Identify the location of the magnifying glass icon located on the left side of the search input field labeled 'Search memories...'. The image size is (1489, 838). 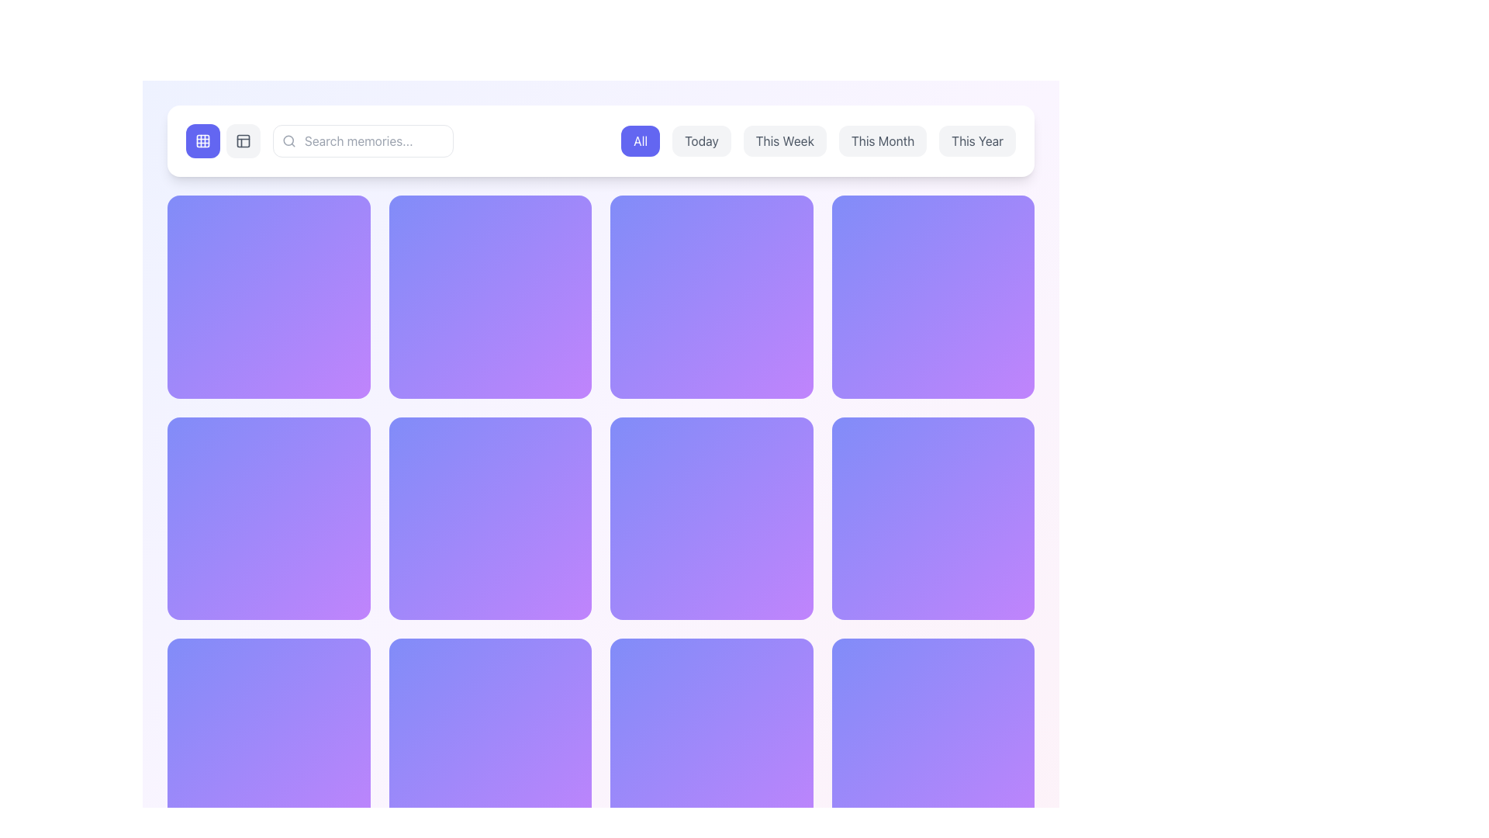
(289, 140).